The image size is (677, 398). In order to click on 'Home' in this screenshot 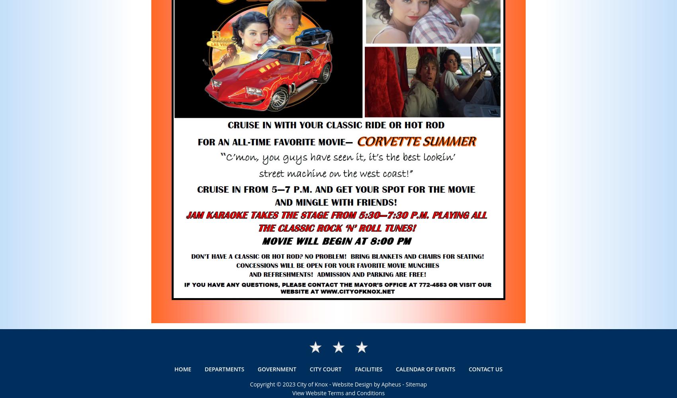, I will do `click(183, 369)`.